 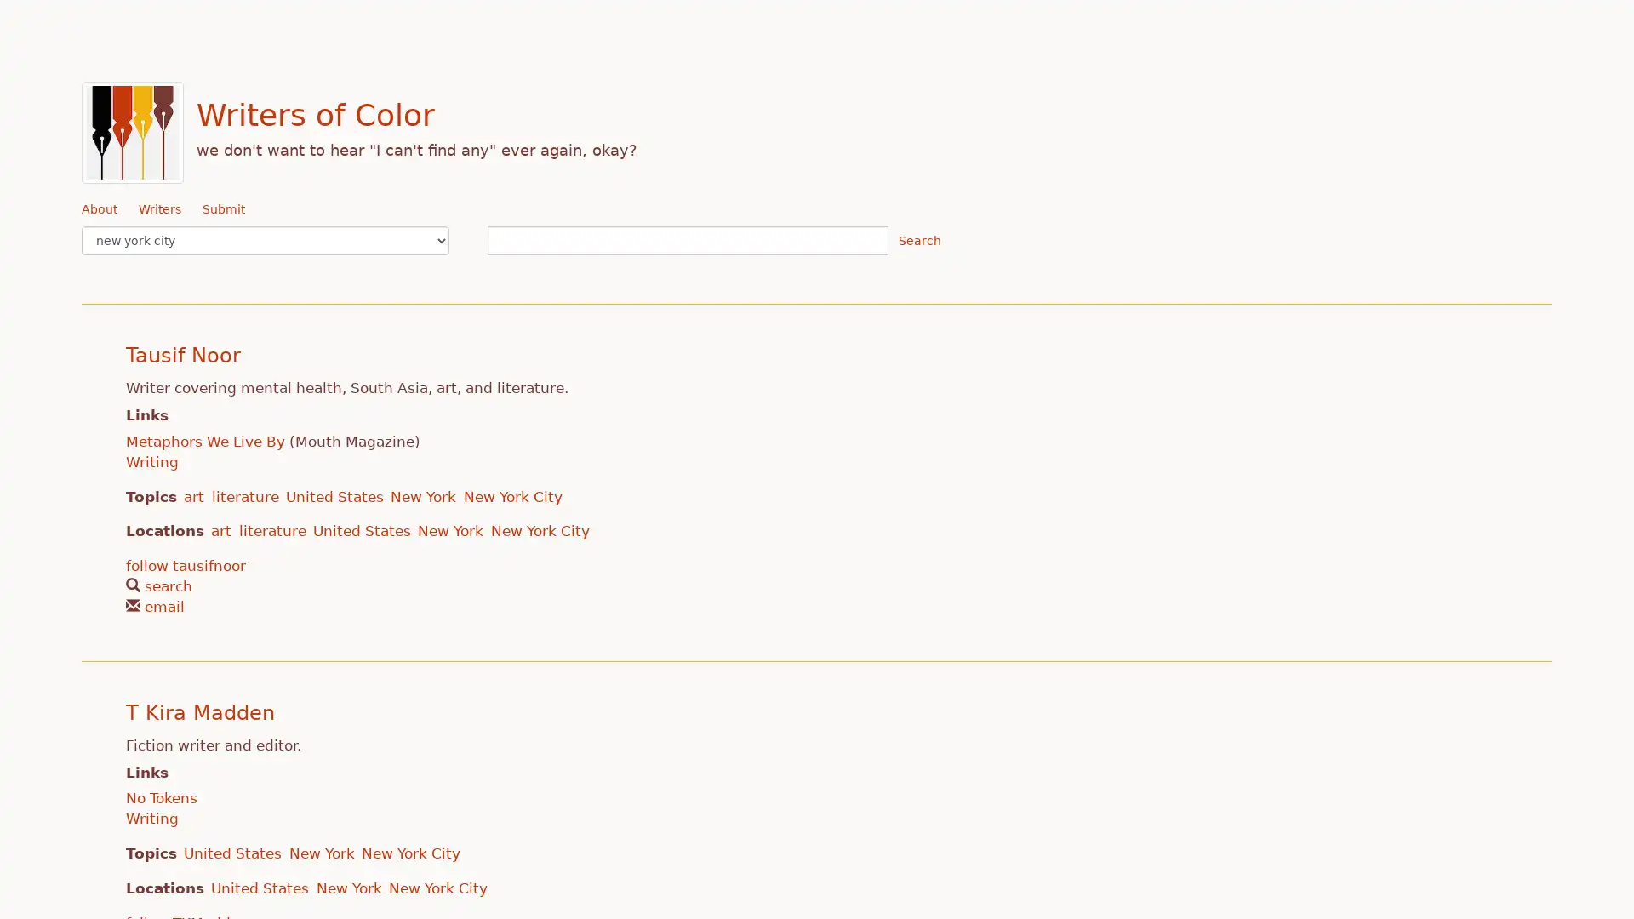 I want to click on Search, so click(x=918, y=240).